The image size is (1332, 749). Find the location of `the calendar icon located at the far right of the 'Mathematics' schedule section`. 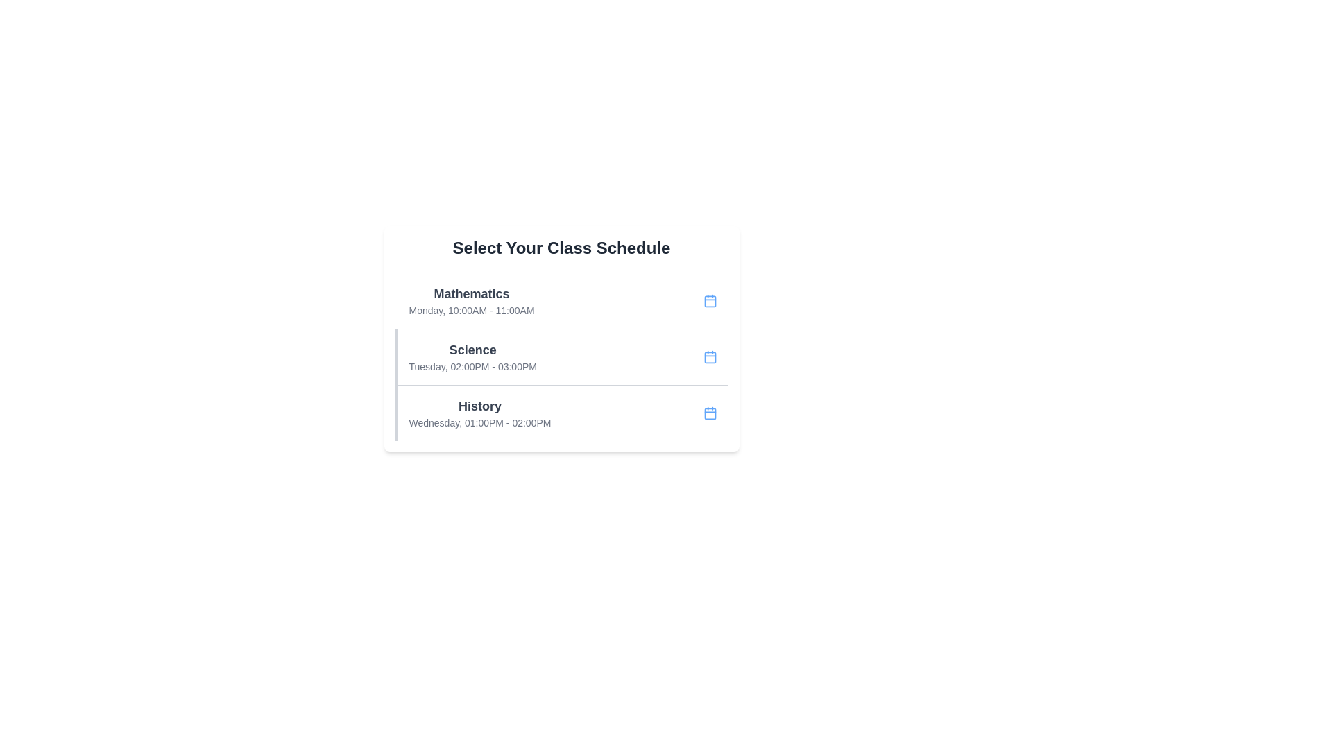

the calendar icon located at the far right of the 'Mathematics' schedule section is located at coordinates (710, 300).